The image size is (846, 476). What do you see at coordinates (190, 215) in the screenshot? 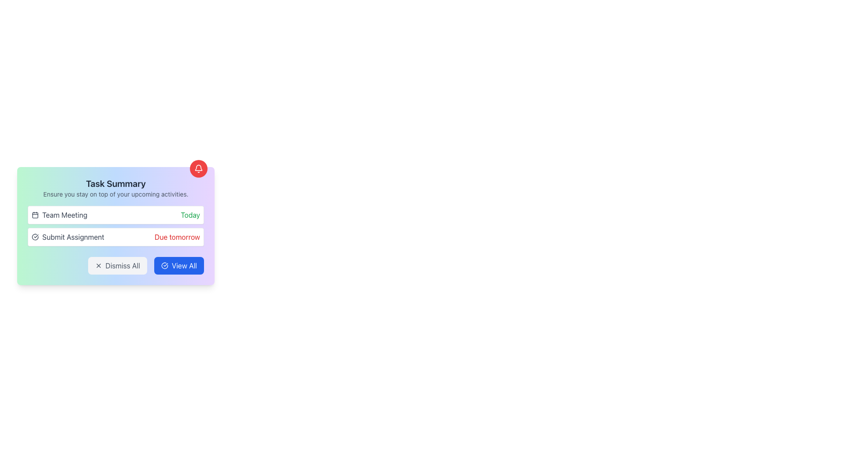
I see `the green textual label reading 'Today', which is positioned on the right side of the 'Team Meeting' string` at bounding box center [190, 215].